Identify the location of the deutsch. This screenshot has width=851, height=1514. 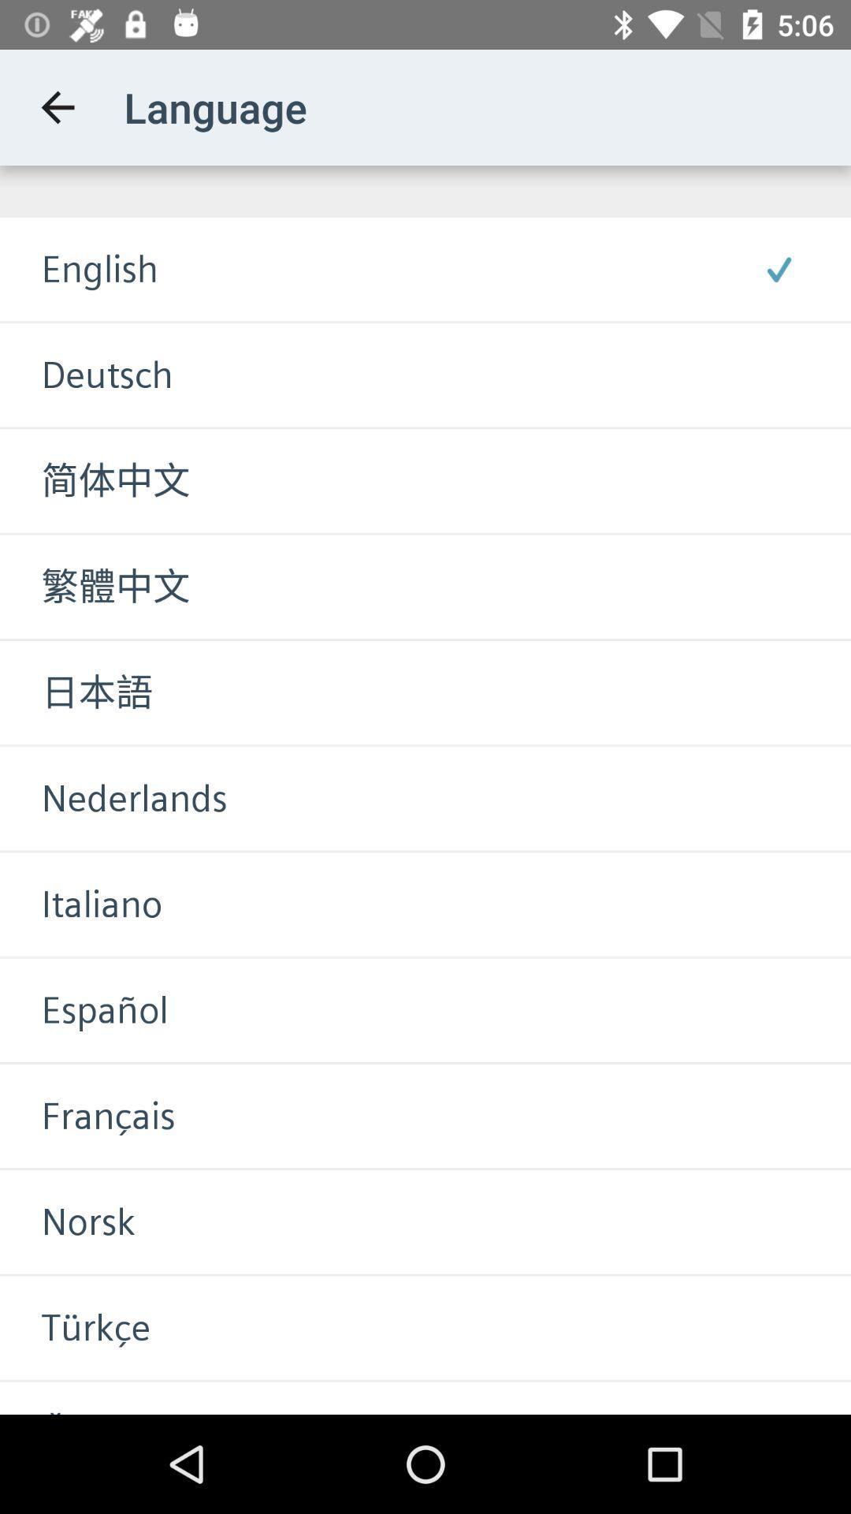
(86, 374).